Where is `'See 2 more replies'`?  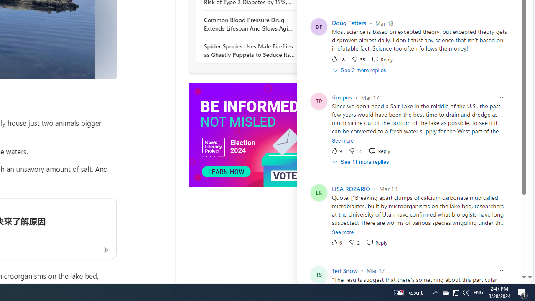 'See 2 more replies' is located at coordinates (360, 70).